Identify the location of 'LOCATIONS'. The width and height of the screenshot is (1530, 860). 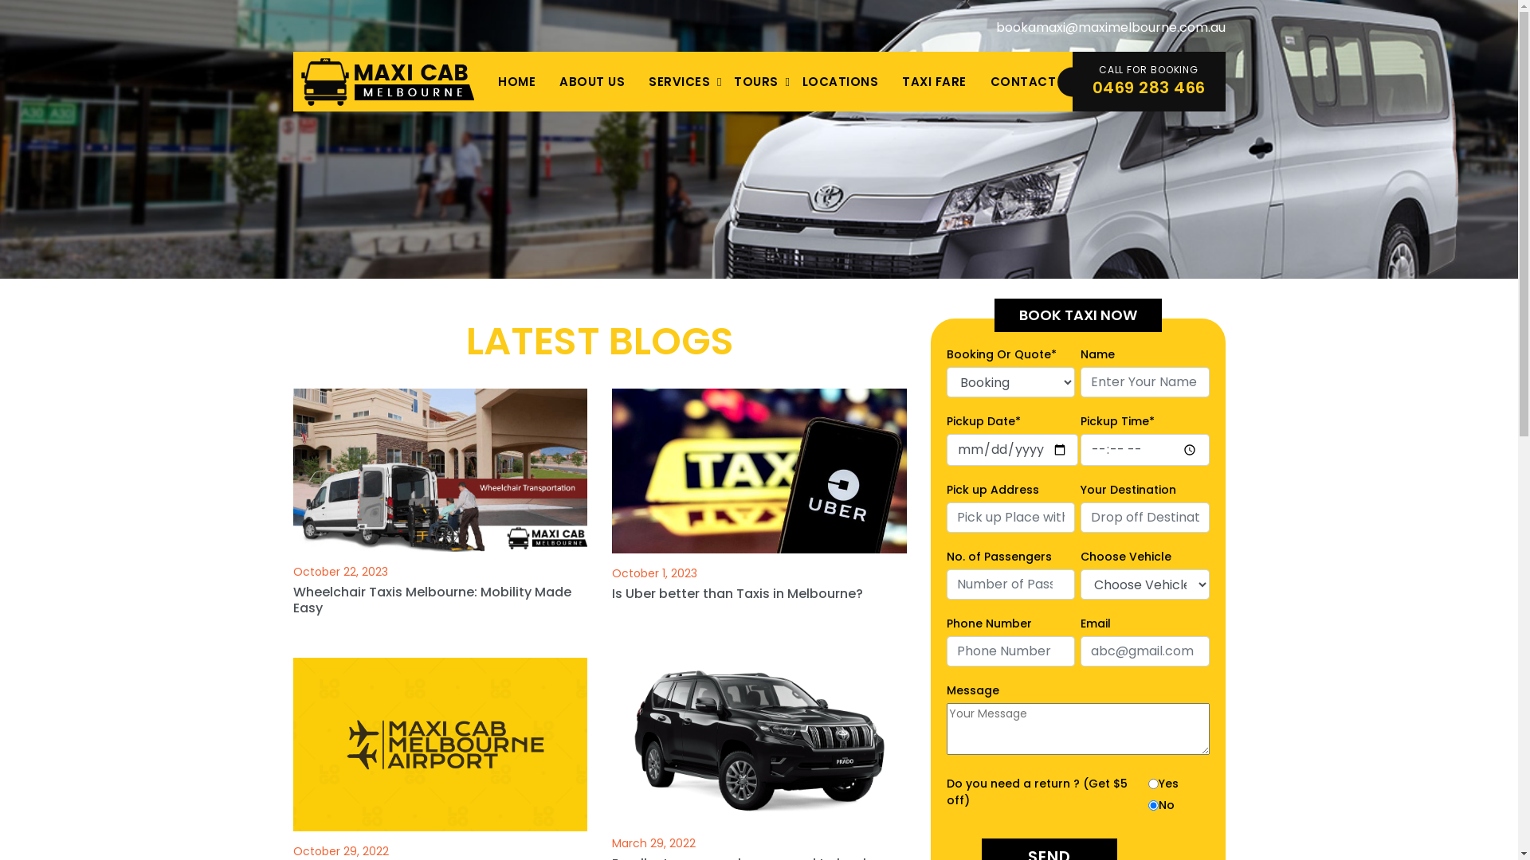
(790, 81).